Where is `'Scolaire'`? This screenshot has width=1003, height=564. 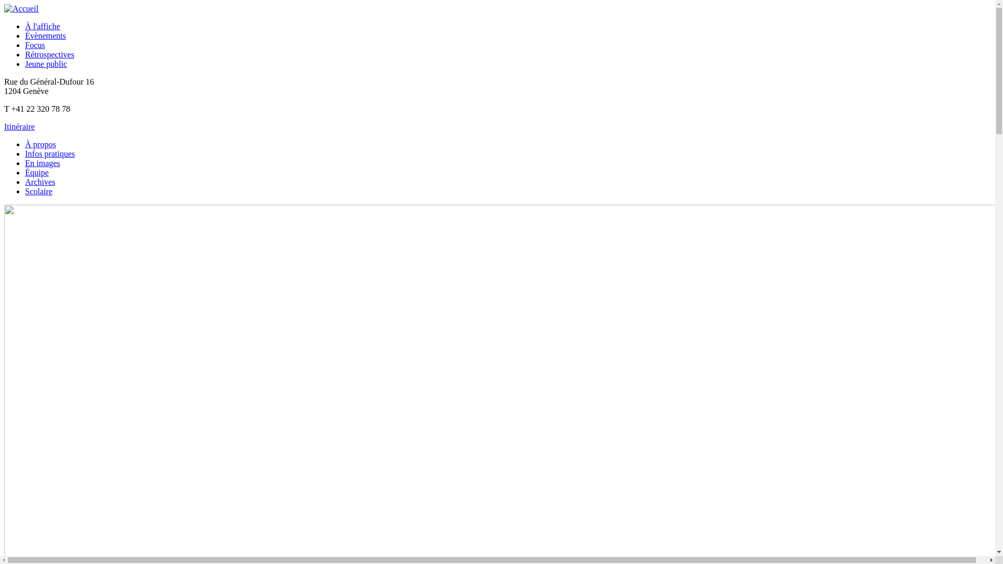 'Scolaire' is located at coordinates (38, 191).